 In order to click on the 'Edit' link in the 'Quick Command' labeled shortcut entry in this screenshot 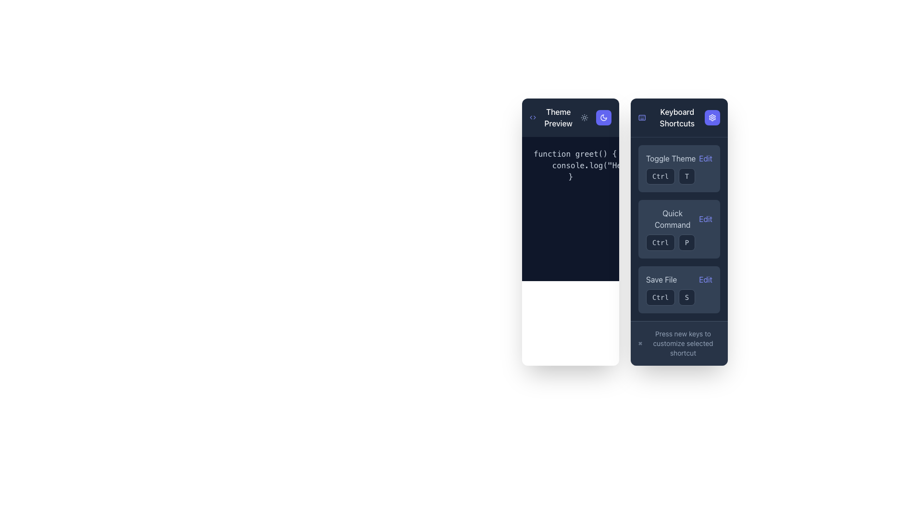, I will do `click(678, 219)`.